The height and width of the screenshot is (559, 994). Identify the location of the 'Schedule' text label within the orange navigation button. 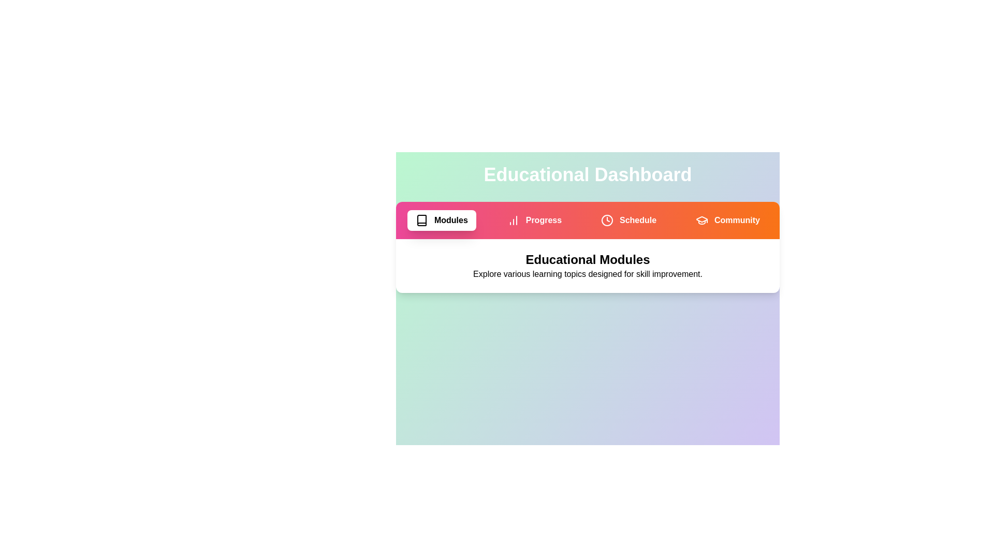
(637, 219).